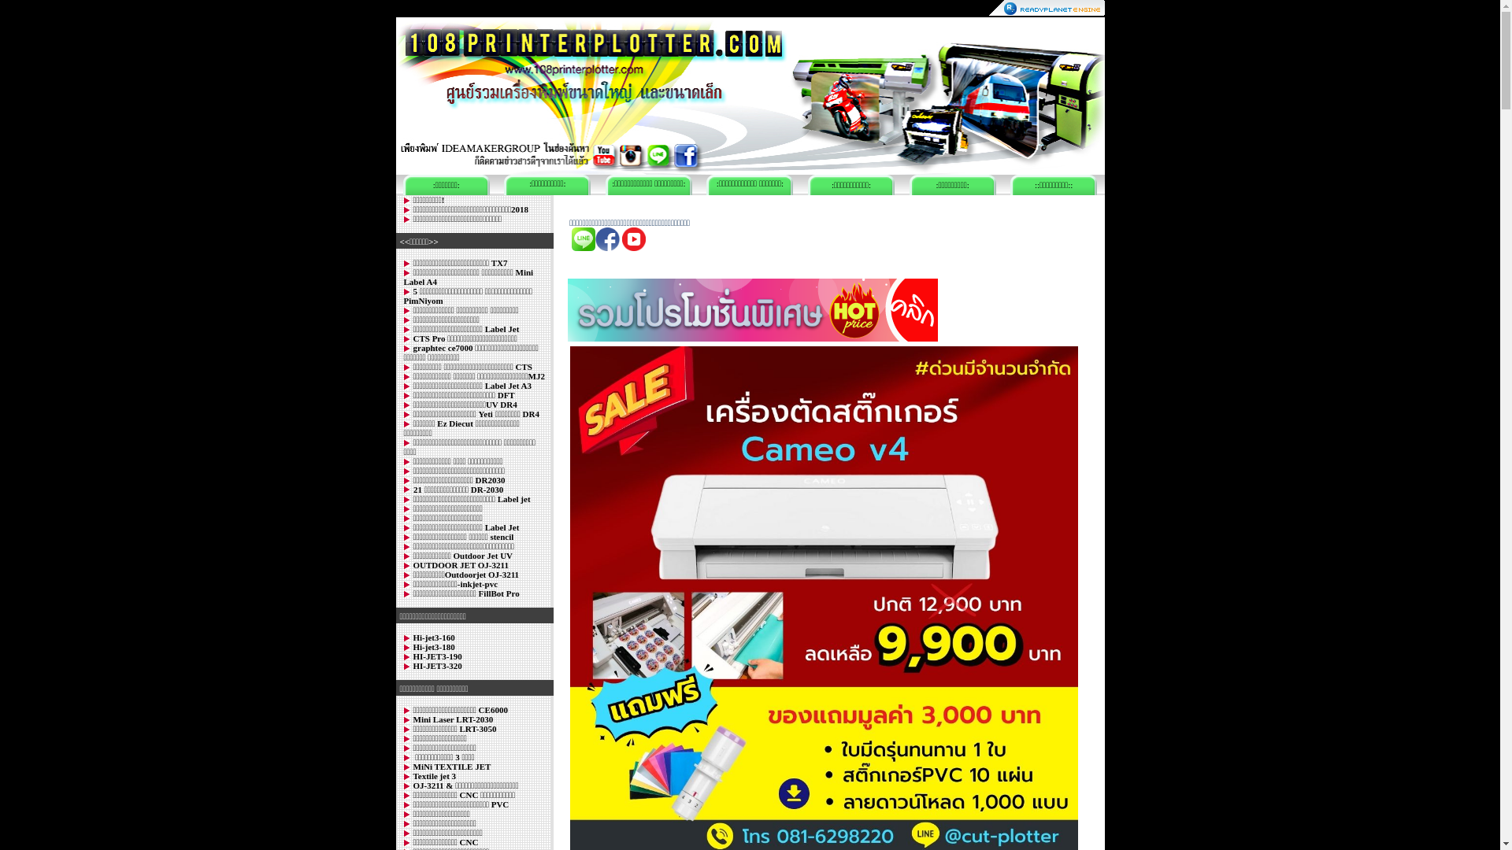 This screenshot has height=850, width=1512. Describe the element at coordinates (450, 766) in the screenshot. I see `'MiNi TEXTILE JET'` at that location.